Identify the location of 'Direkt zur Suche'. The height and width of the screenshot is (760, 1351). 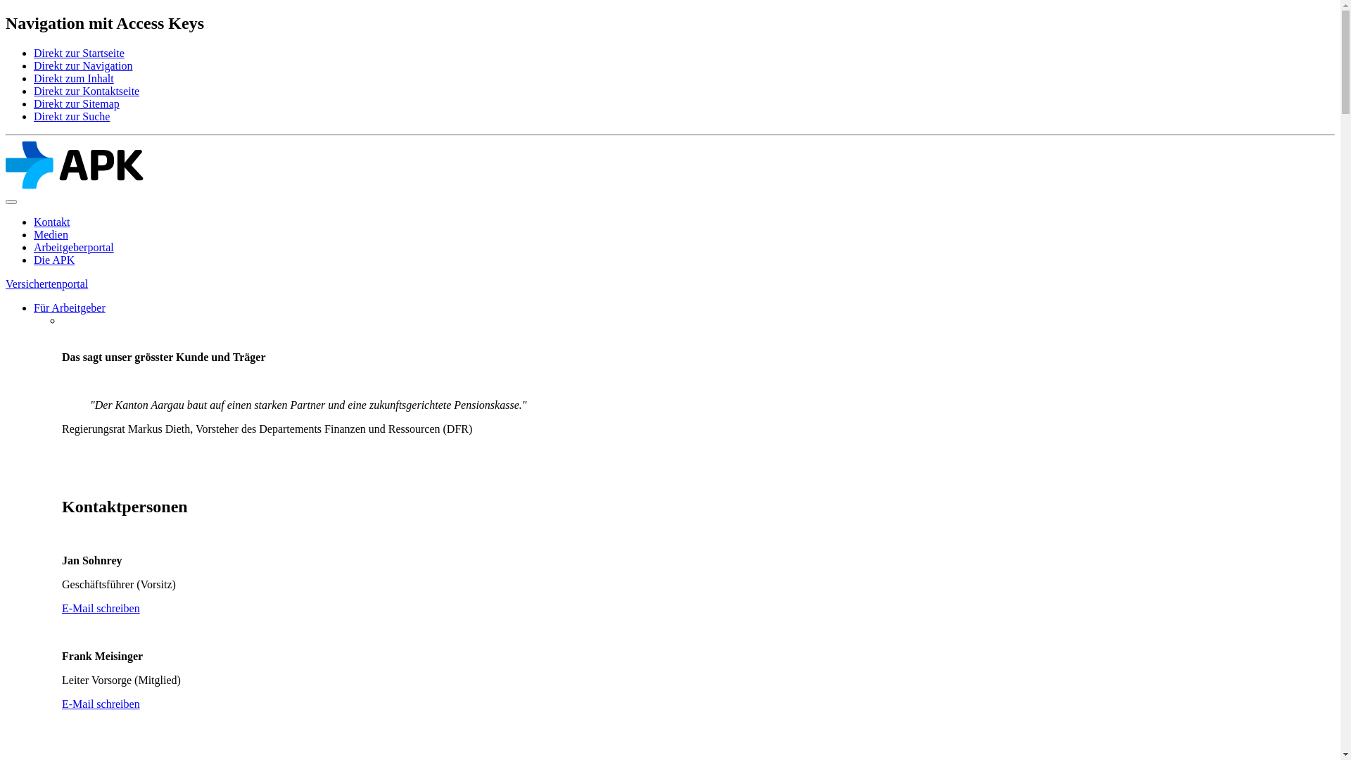
(70, 115).